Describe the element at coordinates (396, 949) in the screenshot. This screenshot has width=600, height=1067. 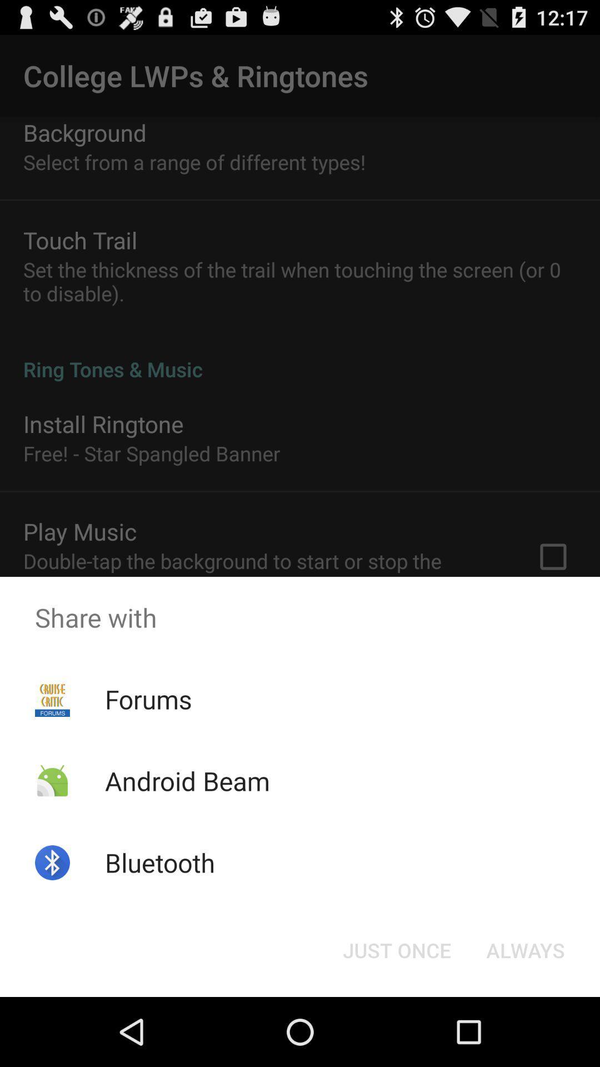
I see `icon next to the always icon` at that location.